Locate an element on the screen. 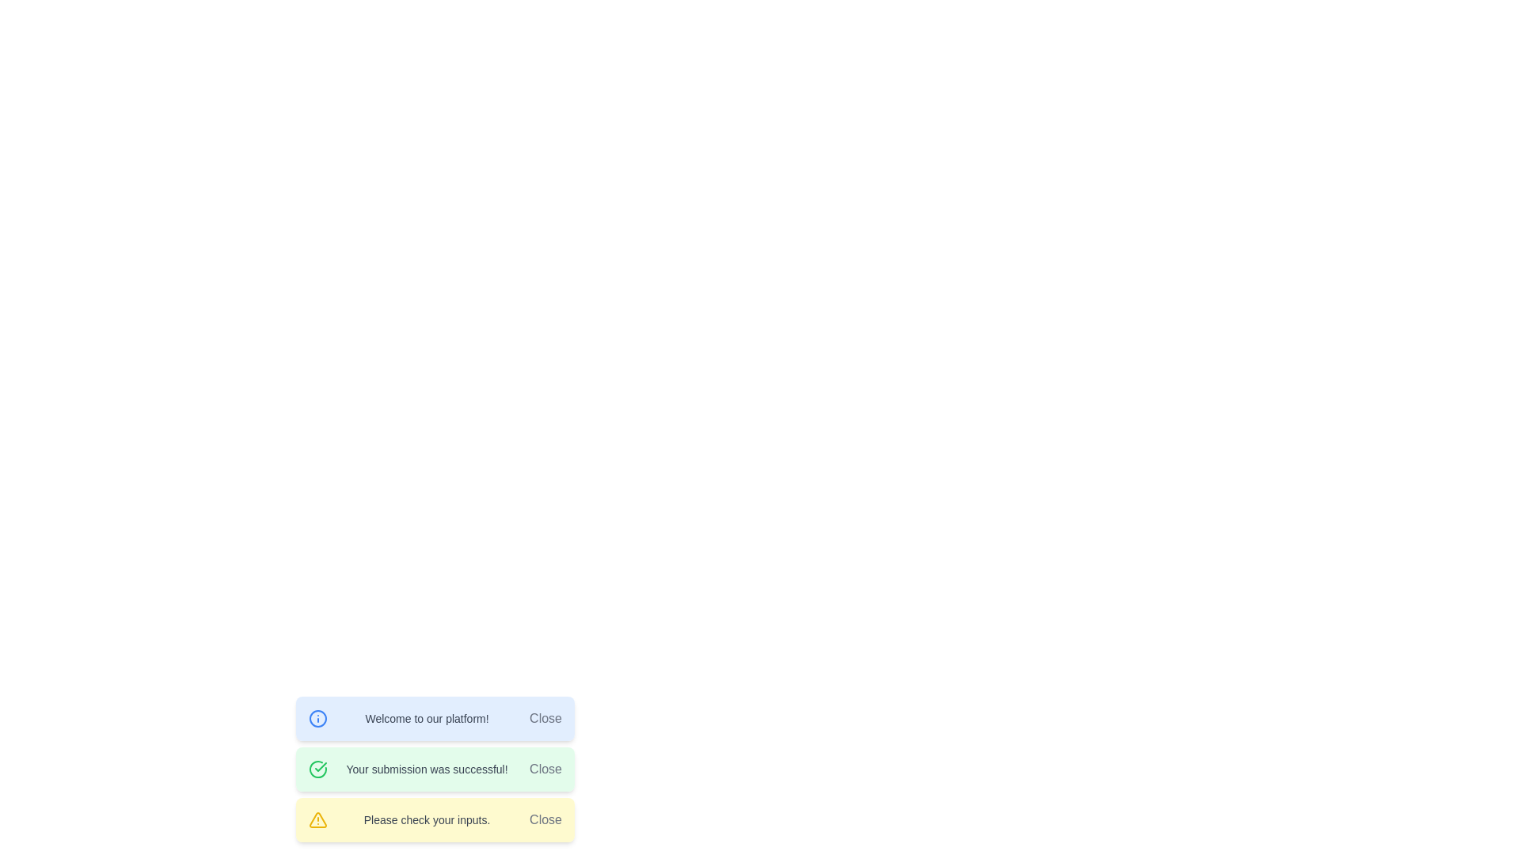 The image size is (1520, 855). the dismiss button located in the top right section of the notification box that includes the text 'Welcome to our platform!' is located at coordinates (545, 718).